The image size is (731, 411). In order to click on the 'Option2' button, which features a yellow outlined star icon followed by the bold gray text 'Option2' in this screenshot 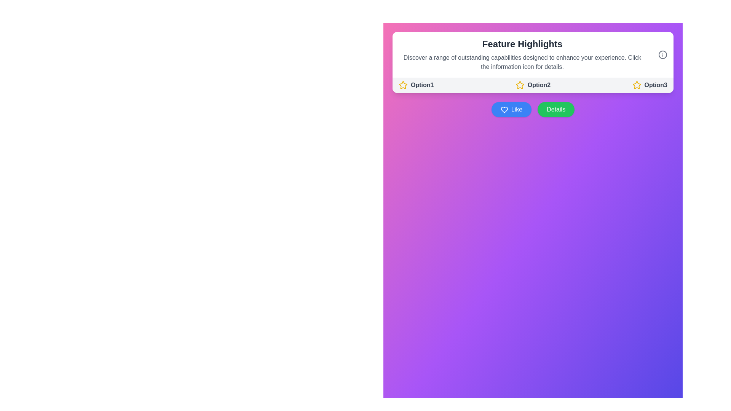, I will do `click(533, 85)`.